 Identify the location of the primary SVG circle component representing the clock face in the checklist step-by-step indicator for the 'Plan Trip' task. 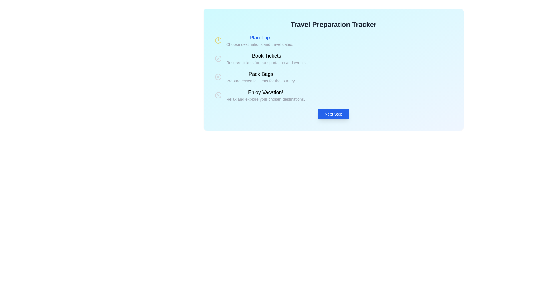
(218, 40).